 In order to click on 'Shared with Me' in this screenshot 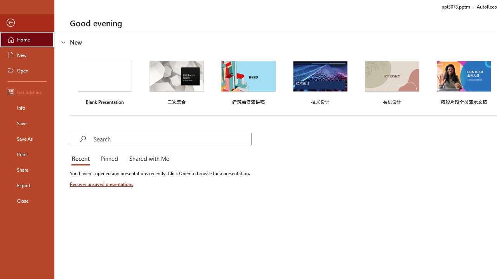, I will do `click(148, 159)`.